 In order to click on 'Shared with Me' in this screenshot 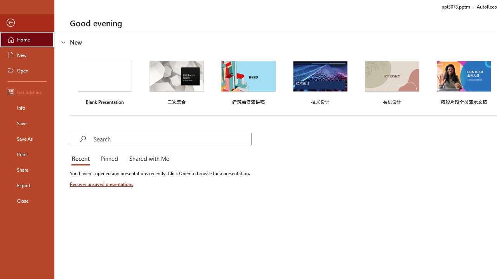, I will do `click(148, 159)`.